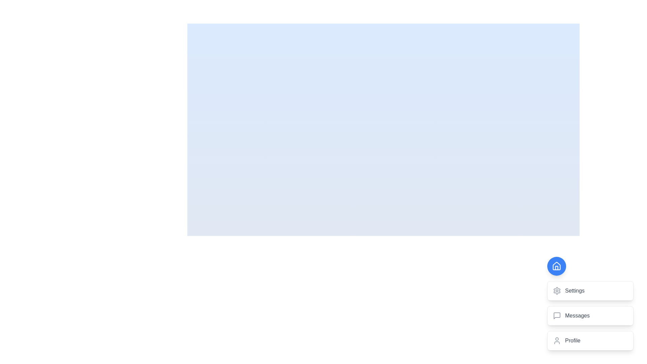  What do you see at coordinates (590, 304) in the screenshot?
I see `the 'Messages' button, which is the second card in a vertical stack of three cards located in the bottom-right corner of the interface` at bounding box center [590, 304].